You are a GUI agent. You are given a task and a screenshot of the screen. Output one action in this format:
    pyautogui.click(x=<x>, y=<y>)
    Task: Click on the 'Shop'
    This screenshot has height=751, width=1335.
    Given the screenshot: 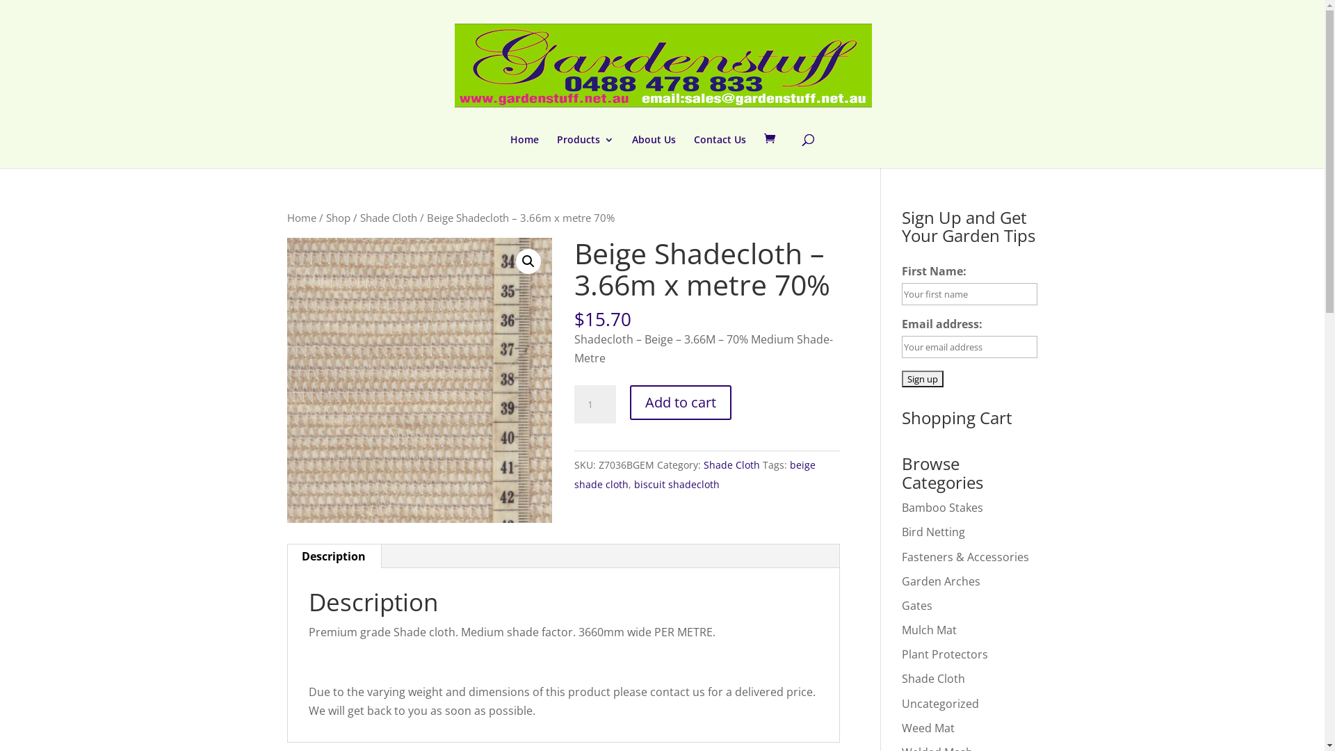 What is the action you would take?
    pyautogui.click(x=324, y=217)
    